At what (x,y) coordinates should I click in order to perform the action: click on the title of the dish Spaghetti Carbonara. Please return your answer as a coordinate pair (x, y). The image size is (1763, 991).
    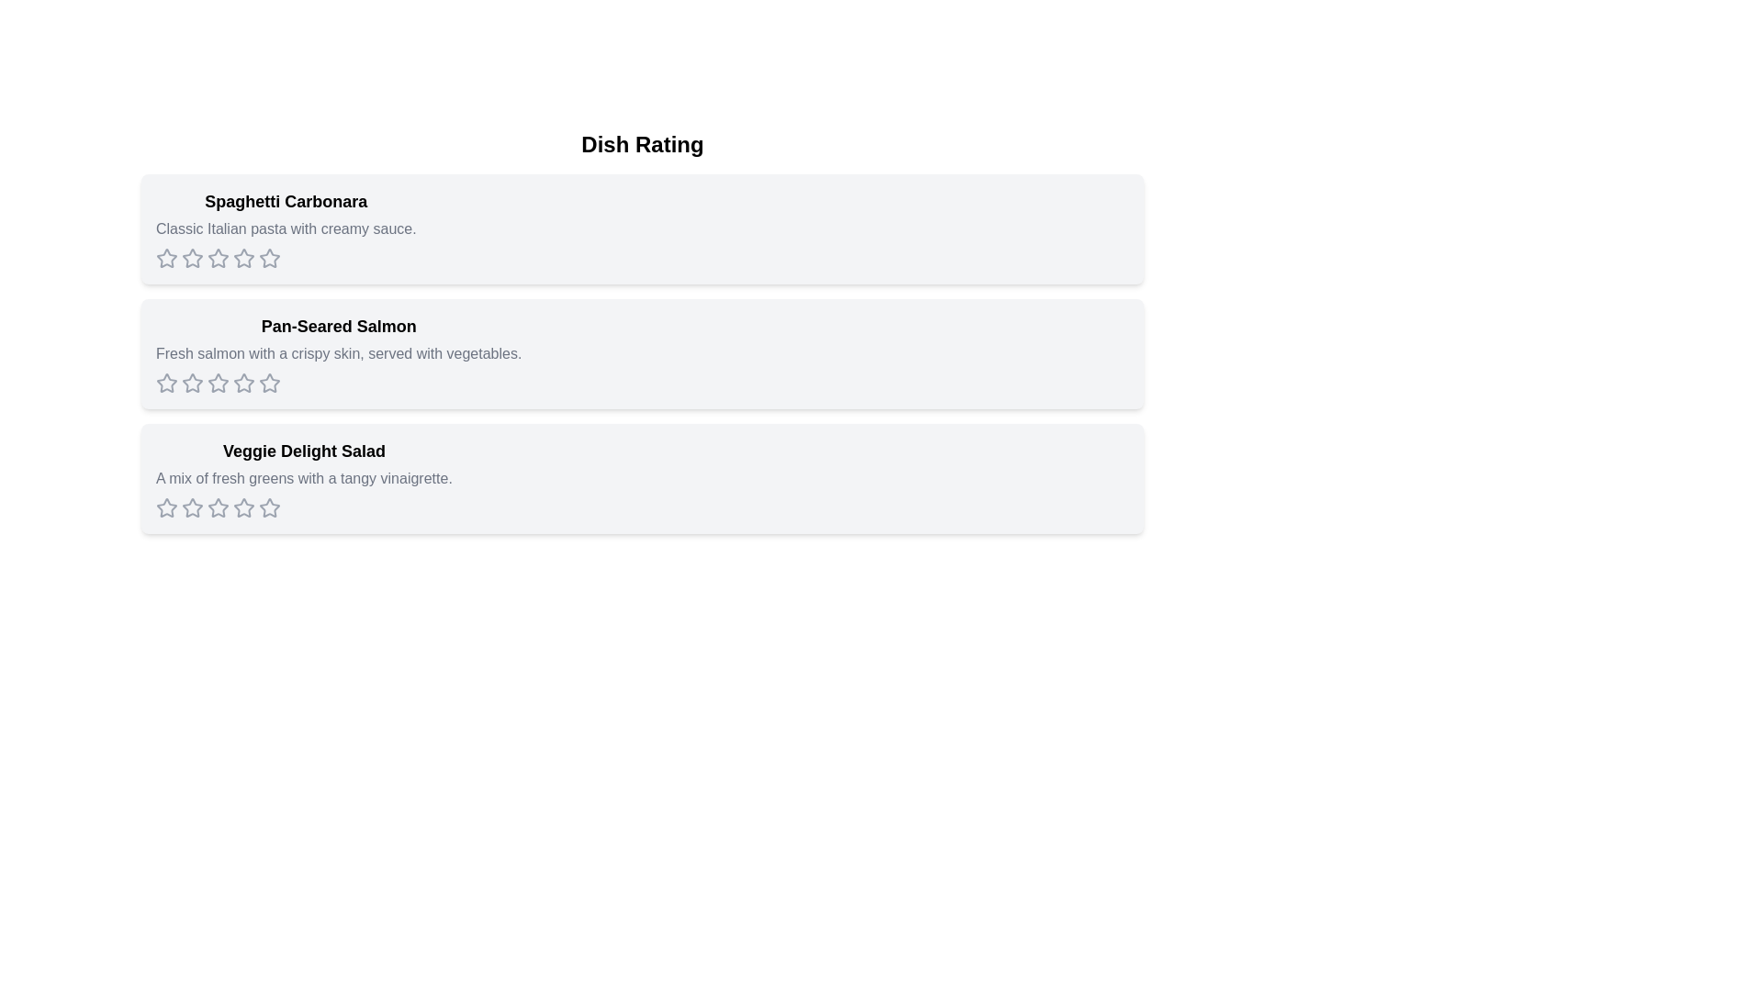
    Looking at the image, I should click on (285, 201).